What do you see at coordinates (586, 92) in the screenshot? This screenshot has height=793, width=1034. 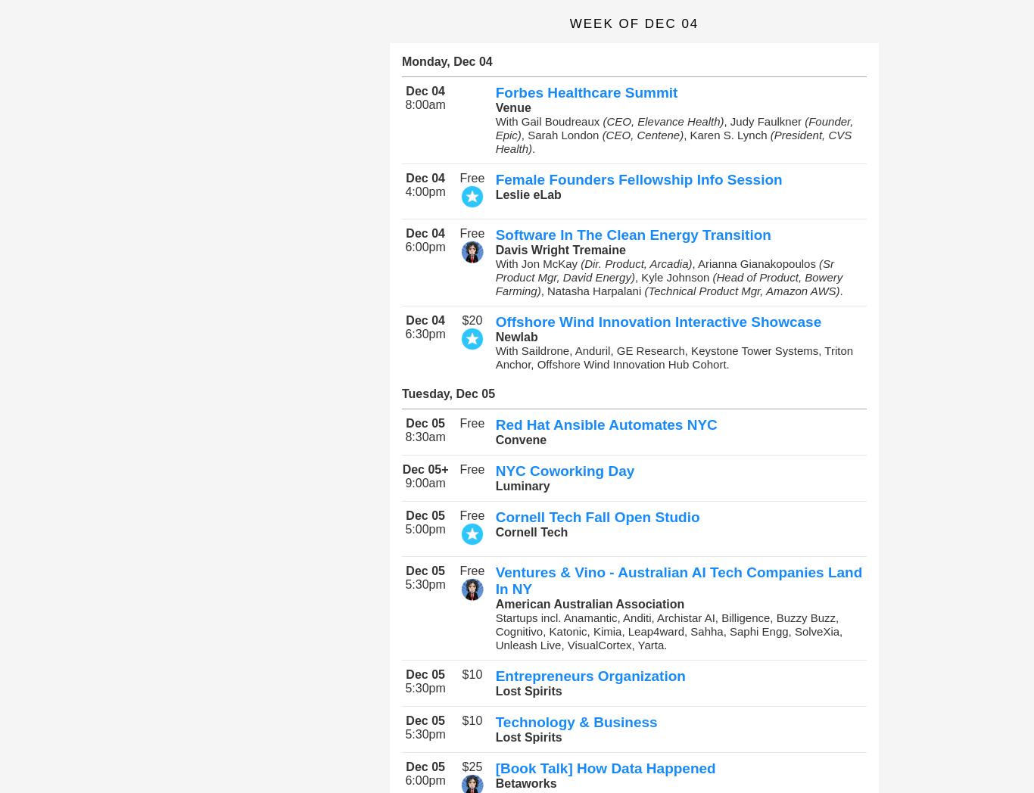 I see `'Forbes Healthcare Summit'` at bounding box center [586, 92].